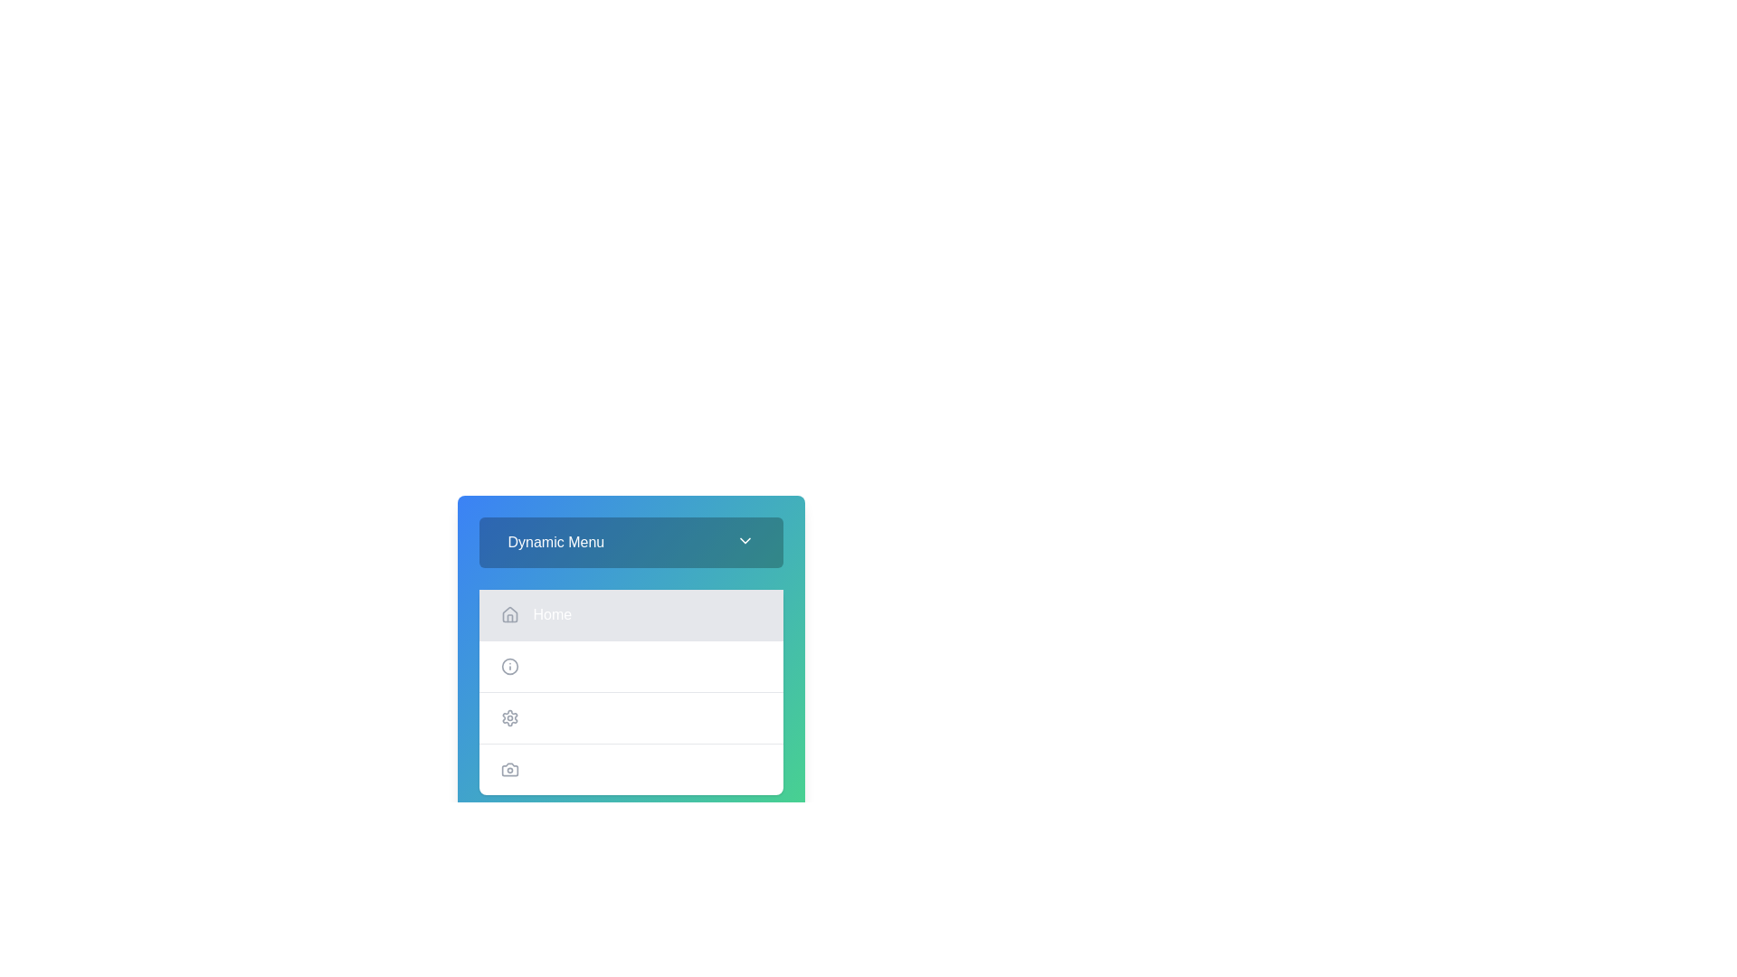 The height and width of the screenshot is (977, 1737). I want to click on the 'Home' icon in the menu list, which is represented by a visual icon to the left of the text label 'Home' and is currently active with a gray background, so click(508, 613).